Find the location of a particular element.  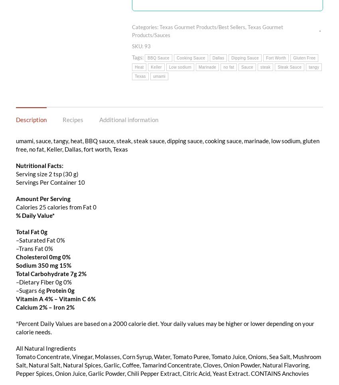

'Steak Sauce' is located at coordinates (289, 66).